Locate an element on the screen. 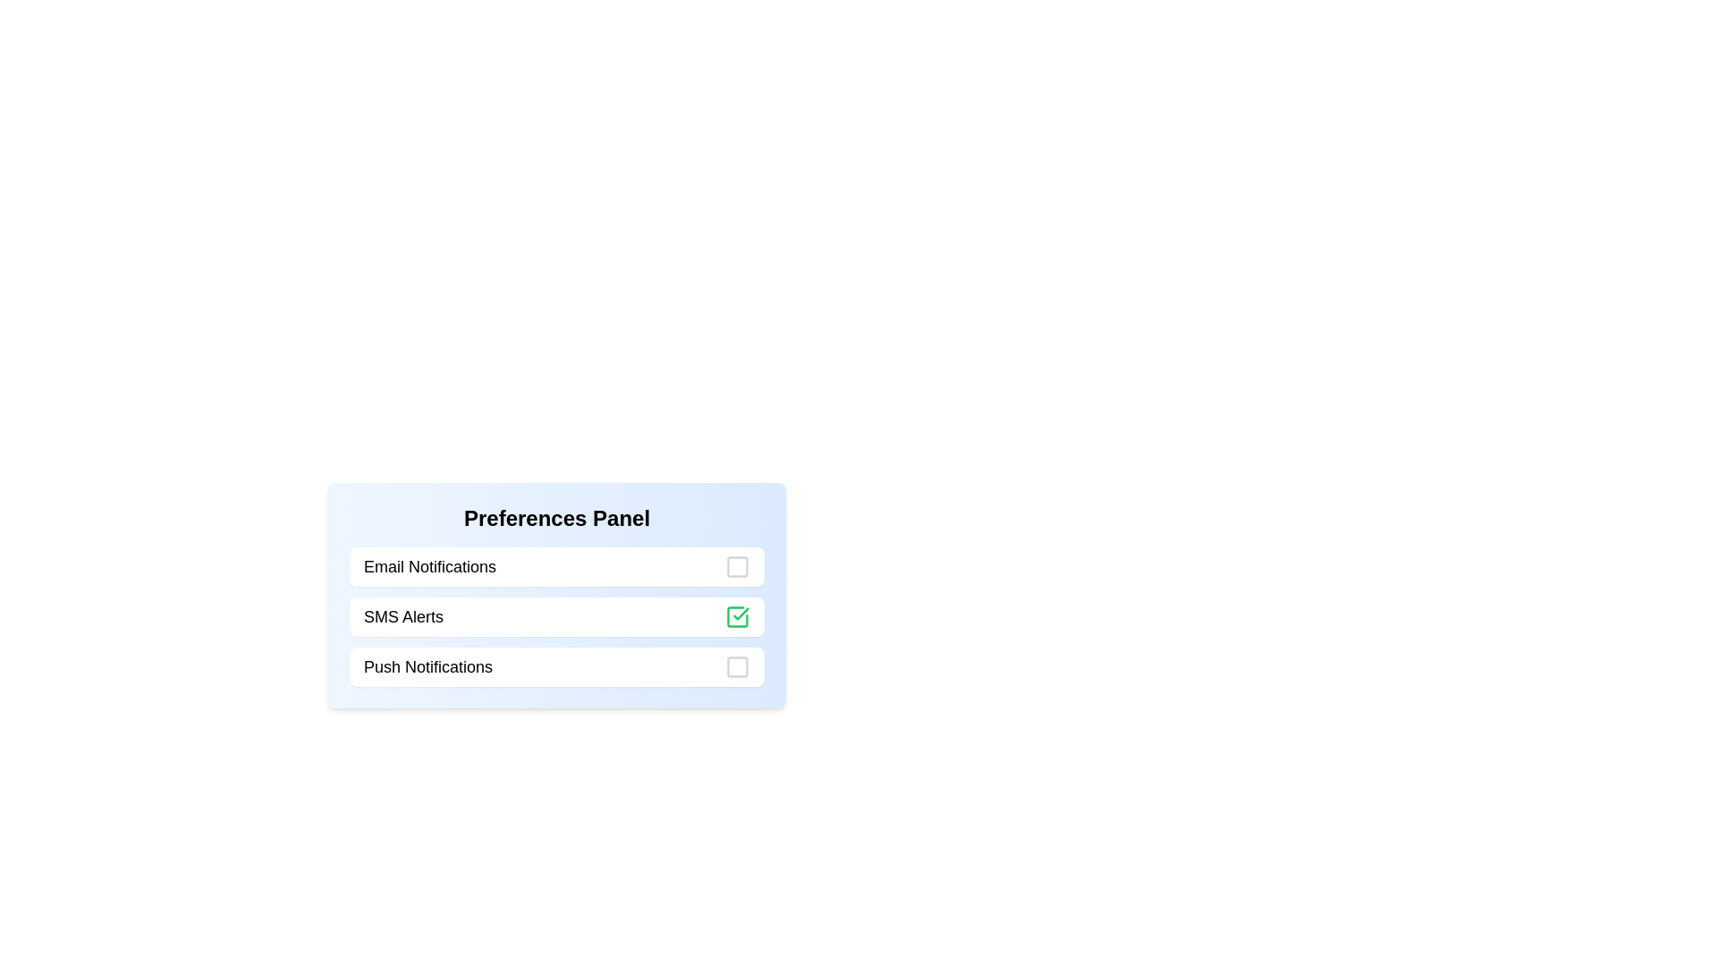 This screenshot has width=1717, height=966. the interactive checkbox icon located in the top-right corner of the 'Email Notifications' row within the 'Preferences Panel' is located at coordinates (738, 566).